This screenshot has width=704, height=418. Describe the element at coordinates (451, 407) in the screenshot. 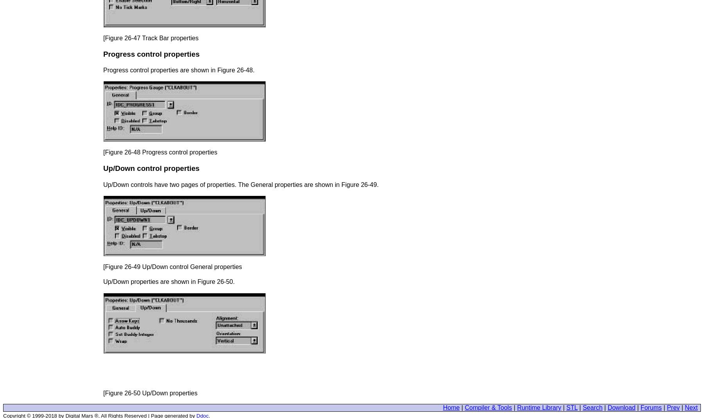

I see `'Home'` at that location.